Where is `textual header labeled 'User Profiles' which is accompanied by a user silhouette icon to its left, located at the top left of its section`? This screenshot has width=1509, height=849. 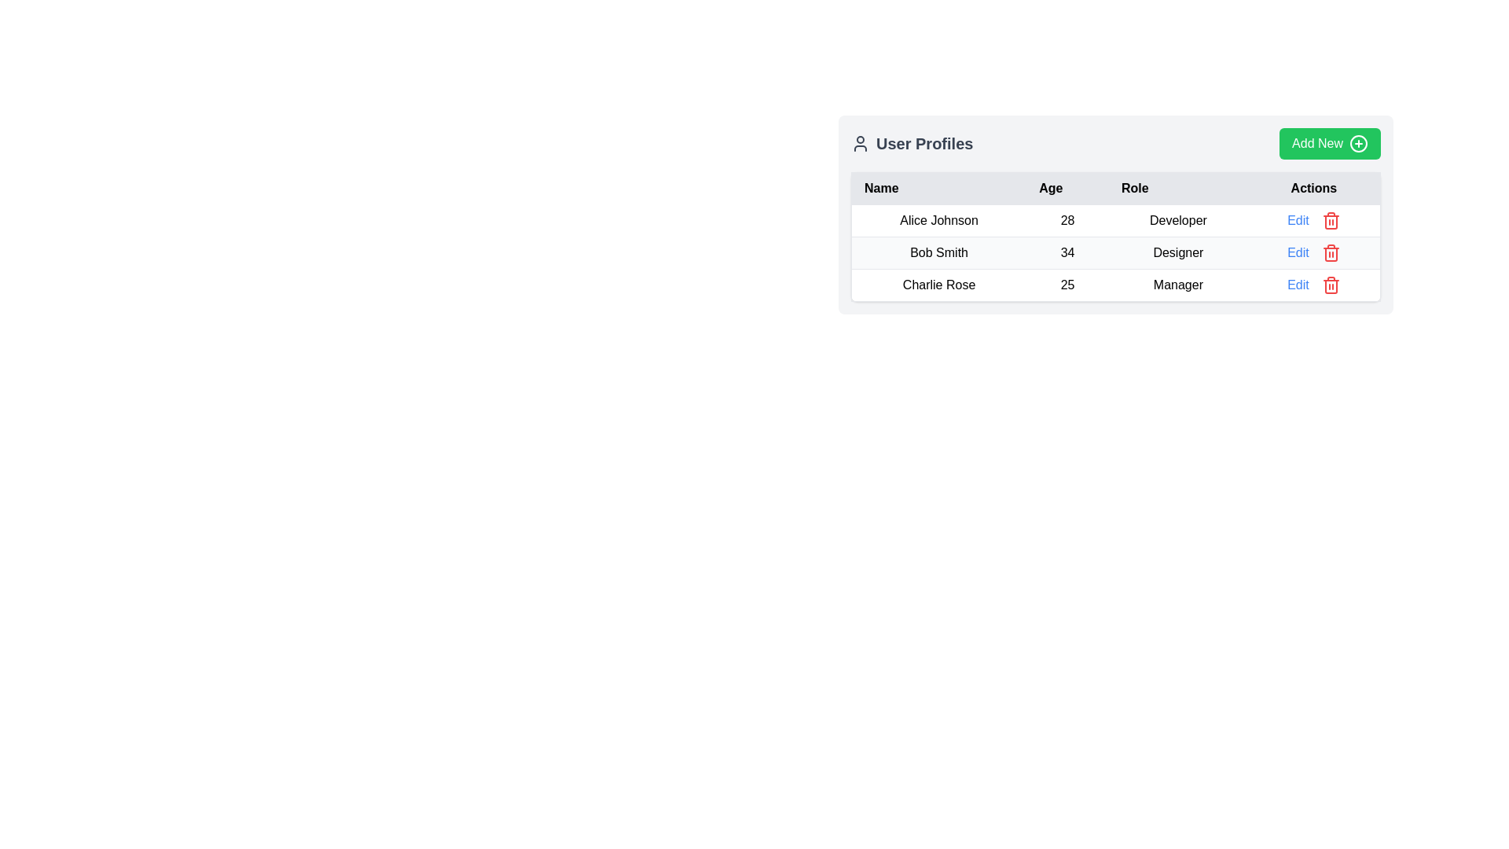 textual header labeled 'User Profiles' which is accompanied by a user silhouette icon to its left, located at the top left of its section is located at coordinates (912, 143).